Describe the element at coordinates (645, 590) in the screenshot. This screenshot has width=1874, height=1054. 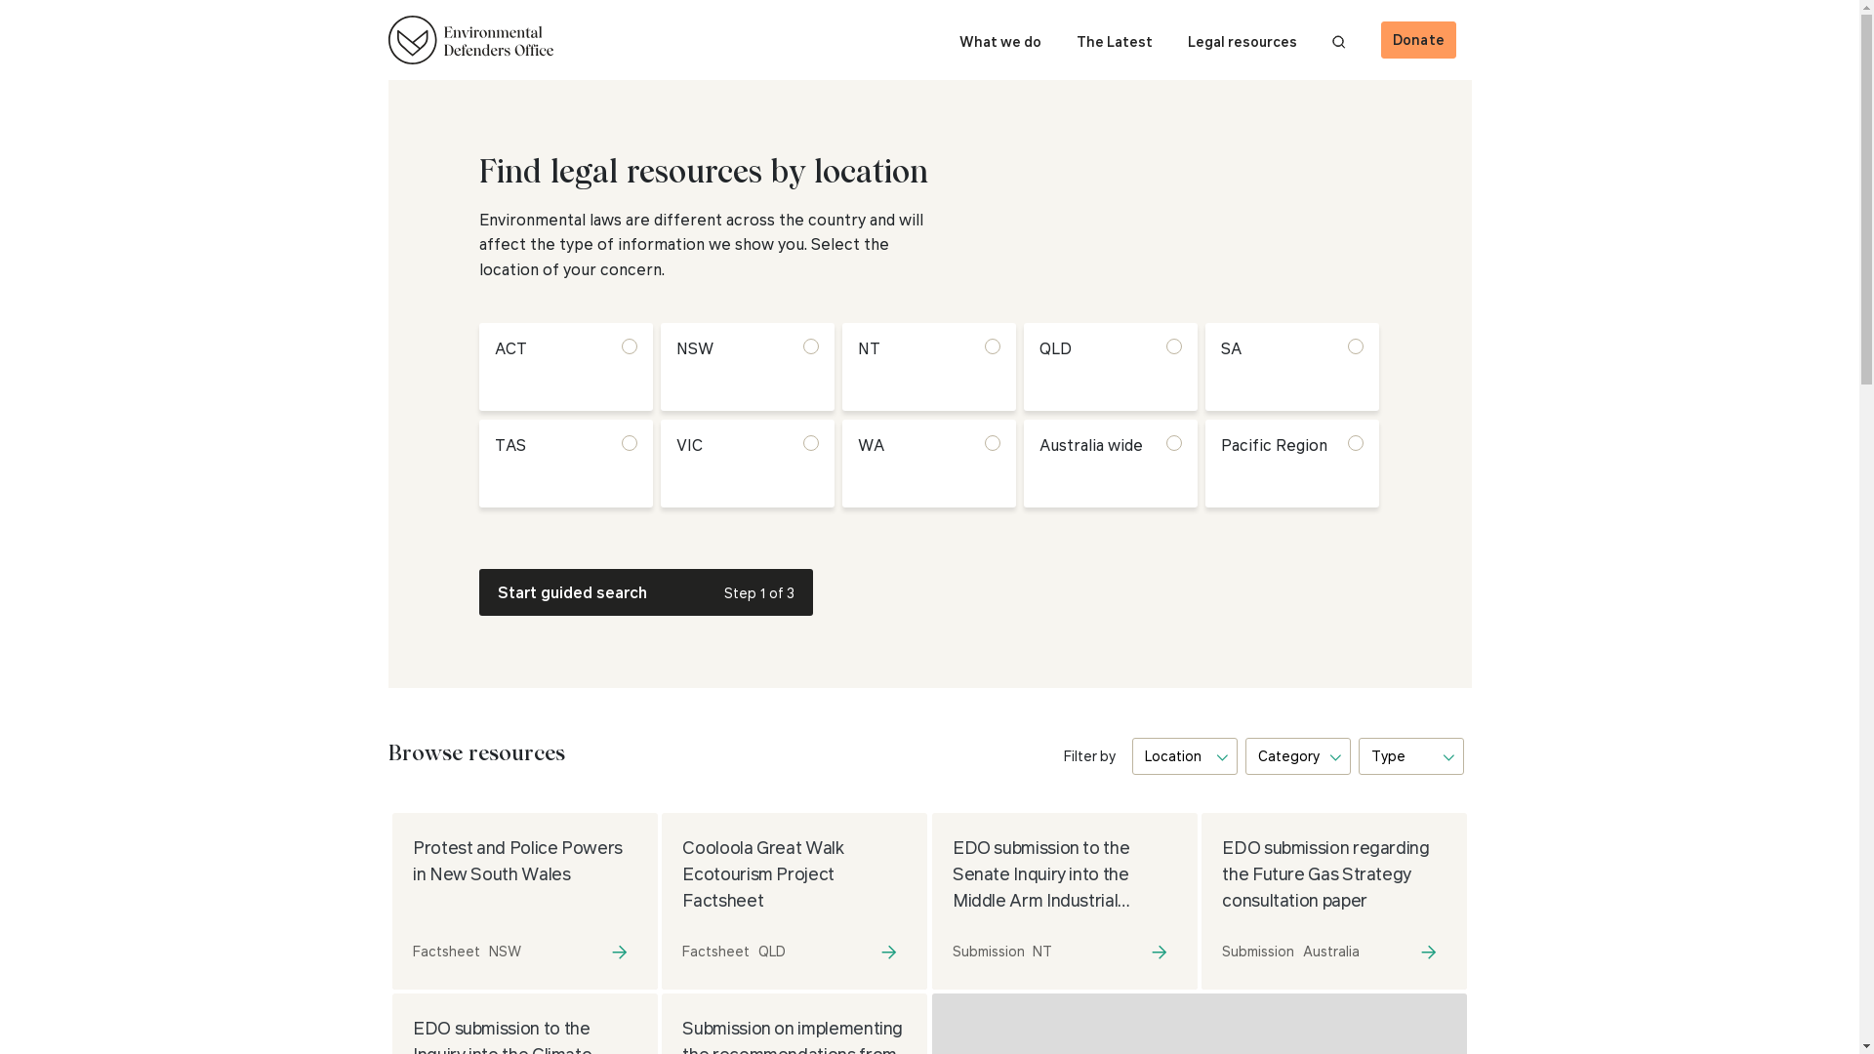
I see `'Start guided search` at that location.